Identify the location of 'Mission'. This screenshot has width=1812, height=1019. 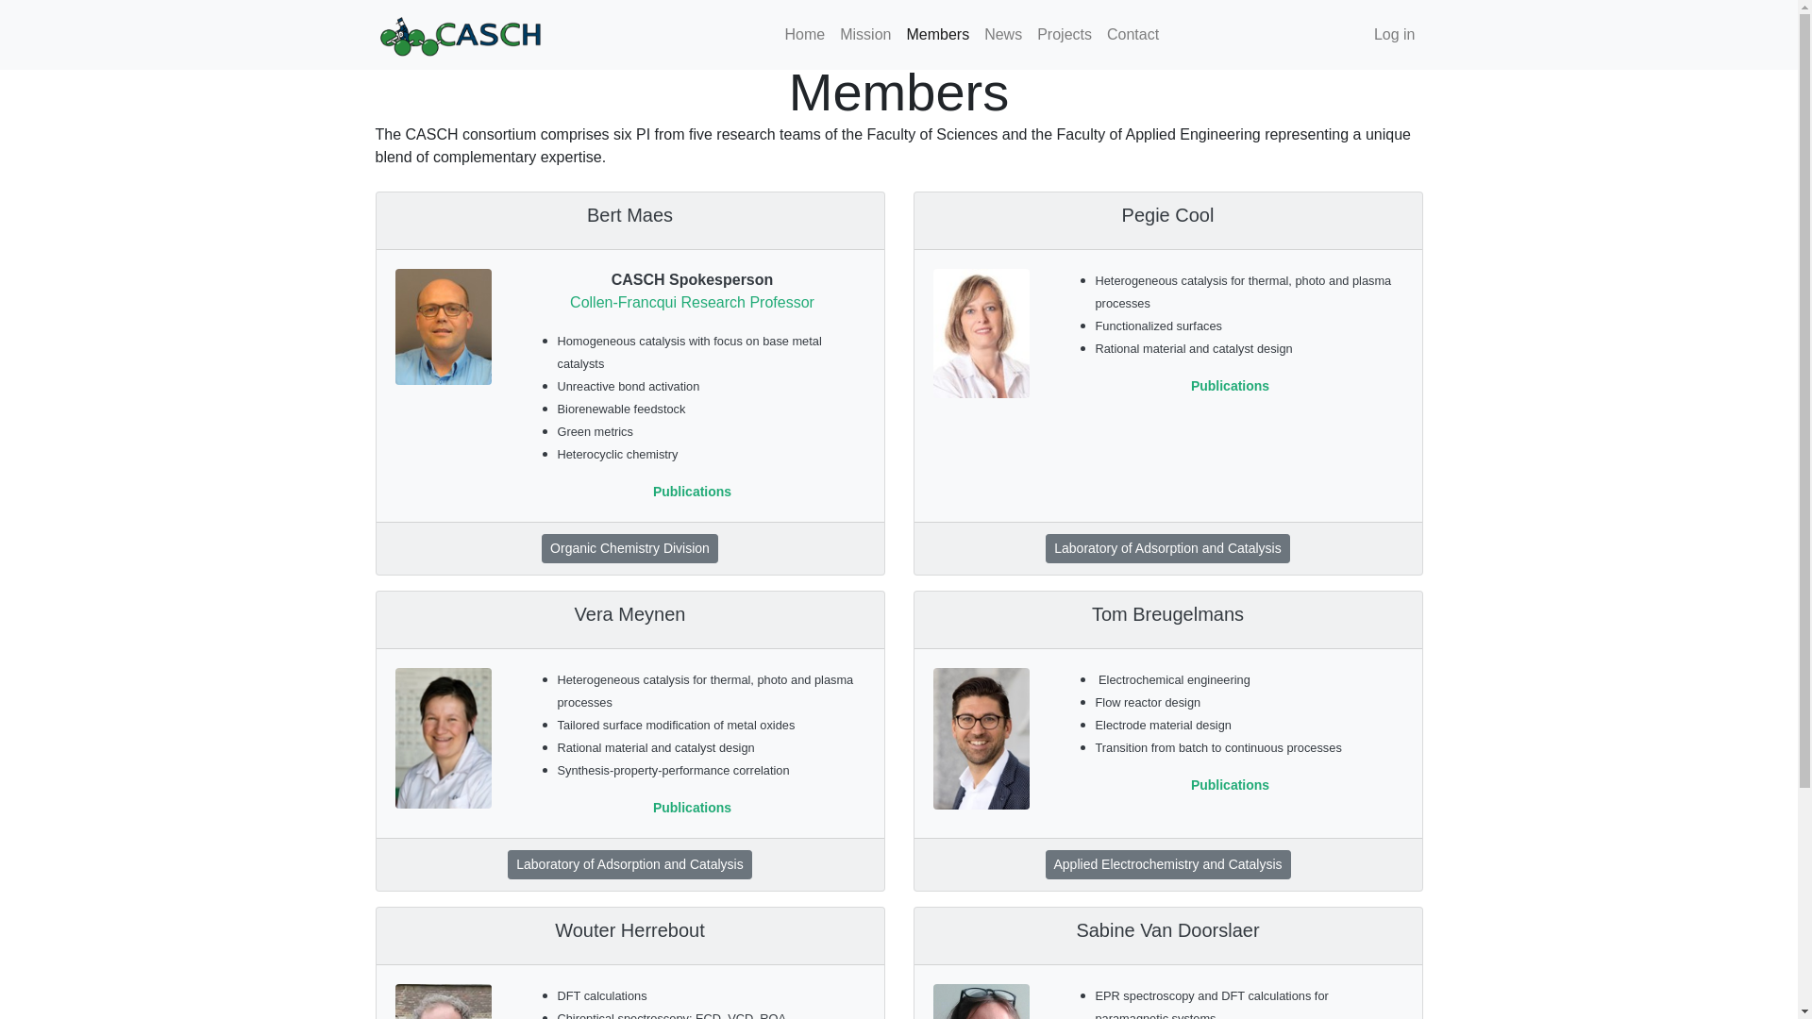
(864, 35).